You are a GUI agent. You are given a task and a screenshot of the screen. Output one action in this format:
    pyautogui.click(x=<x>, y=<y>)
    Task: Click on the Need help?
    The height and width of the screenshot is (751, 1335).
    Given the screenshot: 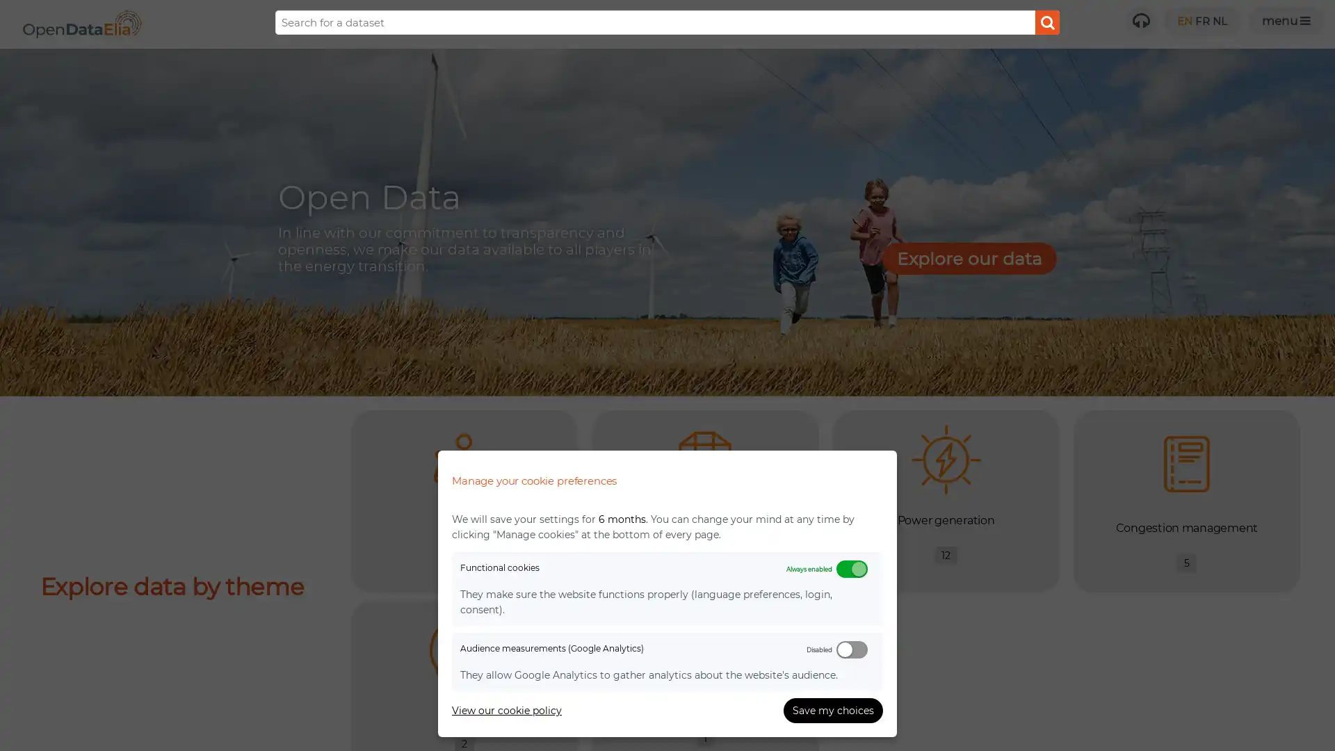 What is the action you would take?
    pyautogui.click(x=1141, y=21)
    